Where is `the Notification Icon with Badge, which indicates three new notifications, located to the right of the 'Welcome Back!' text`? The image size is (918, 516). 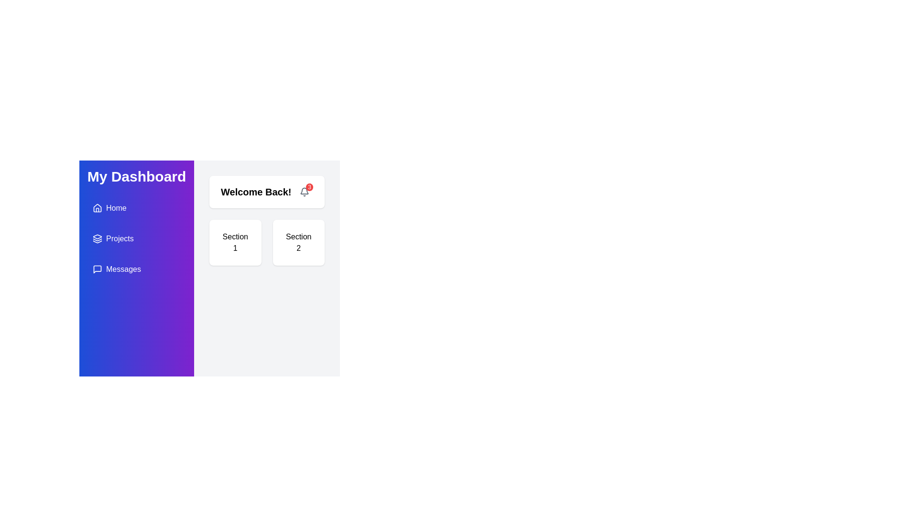 the Notification Icon with Badge, which indicates three new notifications, located to the right of the 'Welcome Back!' text is located at coordinates (304, 192).